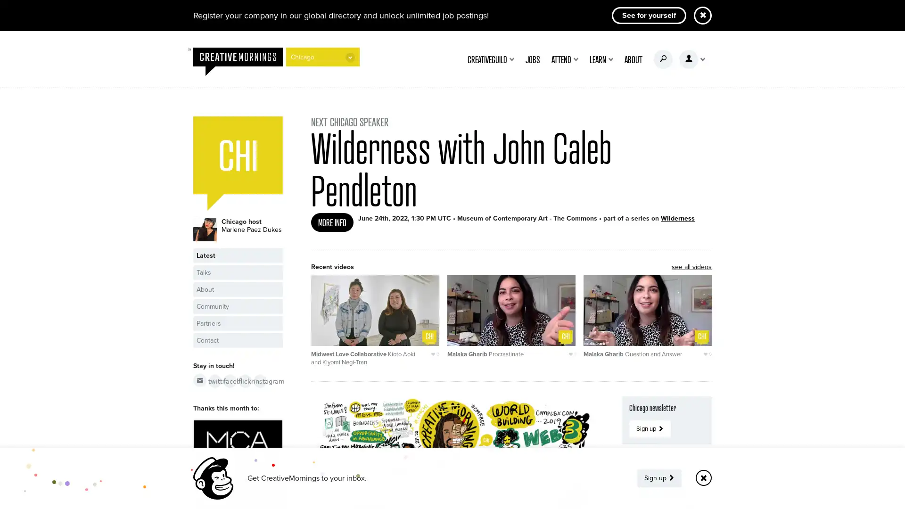 The width and height of the screenshot is (905, 509). Describe the element at coordinates (662, 59) in the screenshot. I see `search` at that location.